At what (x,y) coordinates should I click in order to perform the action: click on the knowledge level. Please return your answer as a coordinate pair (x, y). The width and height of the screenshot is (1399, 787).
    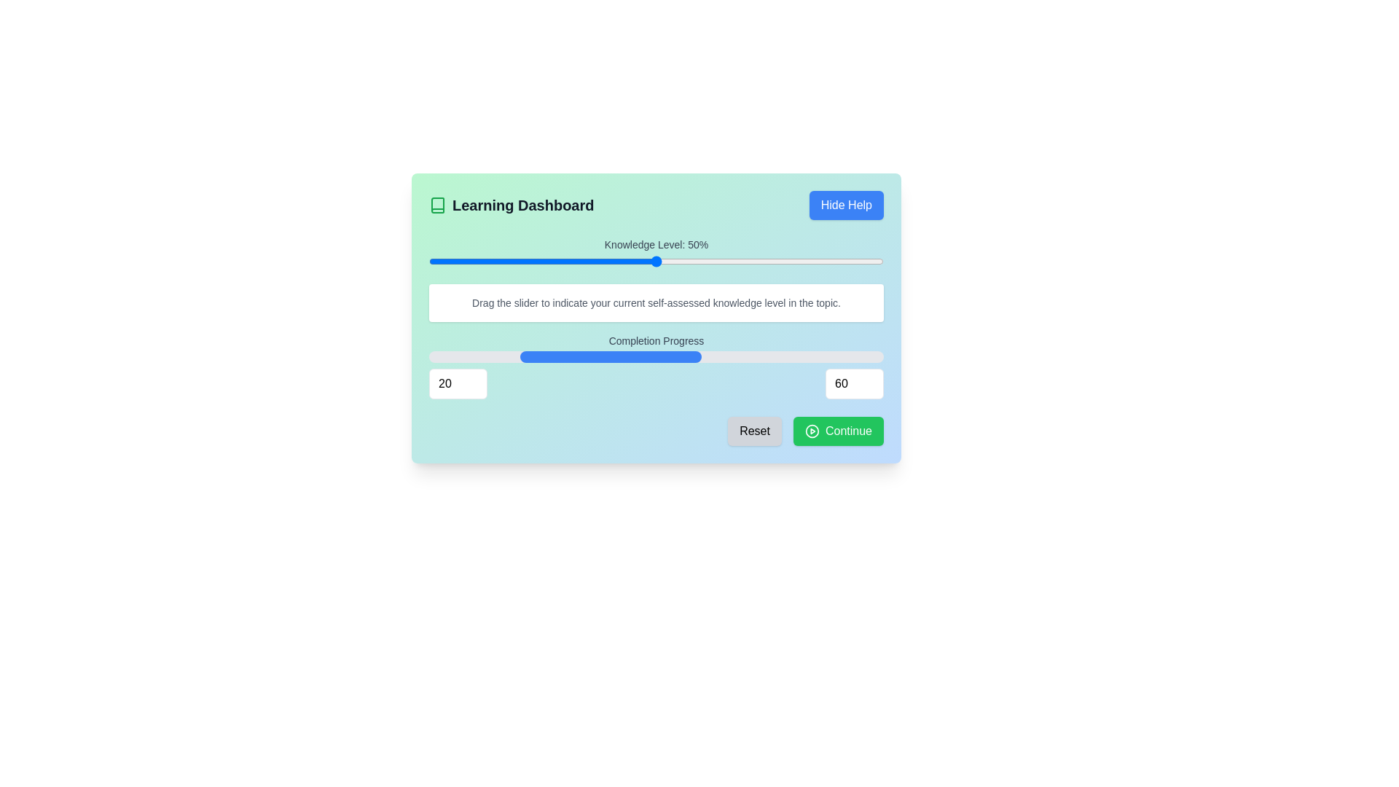
    Looking at the image, I should click on (546, 260).